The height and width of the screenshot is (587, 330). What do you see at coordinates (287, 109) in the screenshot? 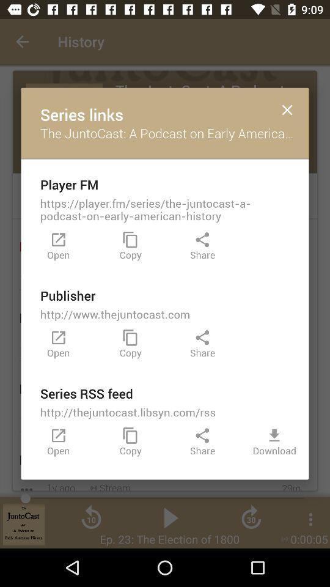
I see `item next to series links icon` at bounding box center [287, 109].